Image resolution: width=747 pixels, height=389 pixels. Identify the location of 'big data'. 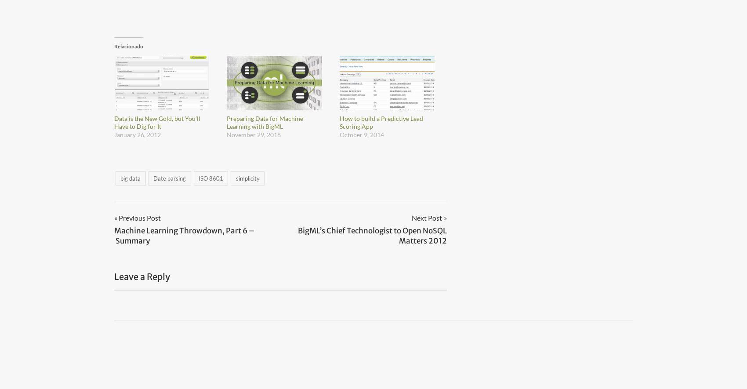
(130, 178).